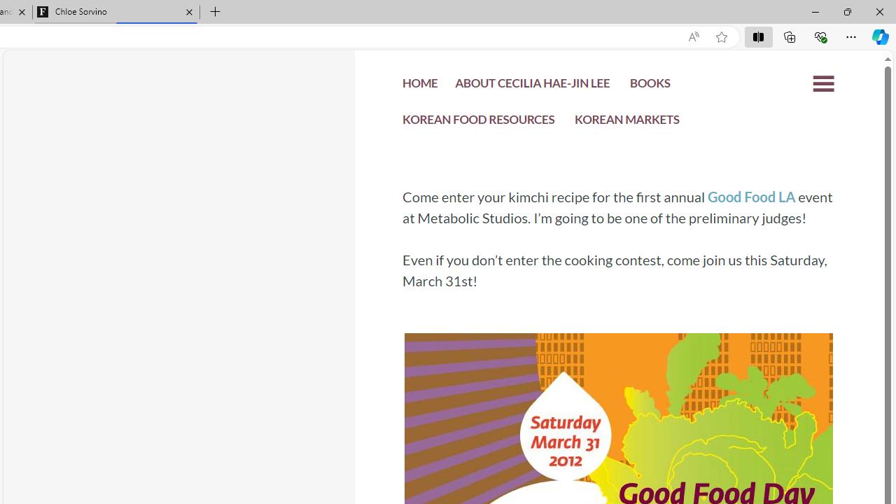 The width and height of the screenshot is (896, 504). Describe the element at coordinates (626, 122) in the screenshot. I see `'KOREAN MARKETS'` at that location.